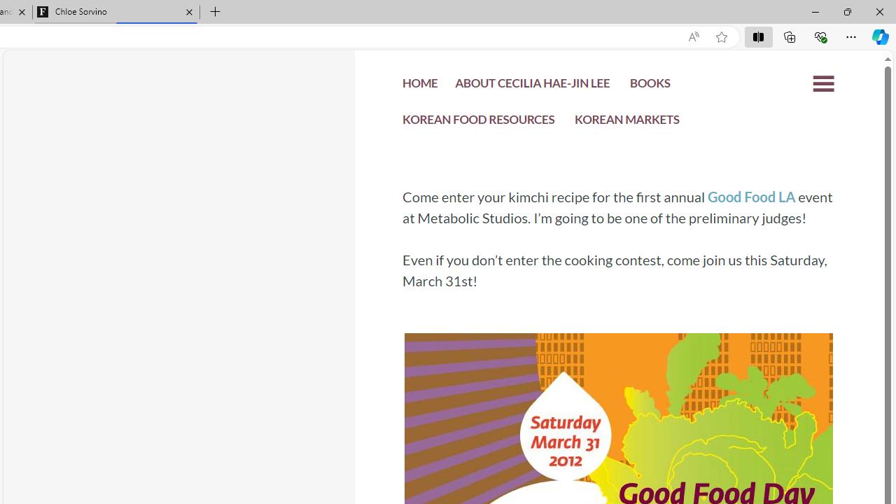 The width and height of the screenshot is (896, 504). Describe the element at coordinates (626, 122) in the screenshot. I see `'KOREAN MARKETS'` at that location.